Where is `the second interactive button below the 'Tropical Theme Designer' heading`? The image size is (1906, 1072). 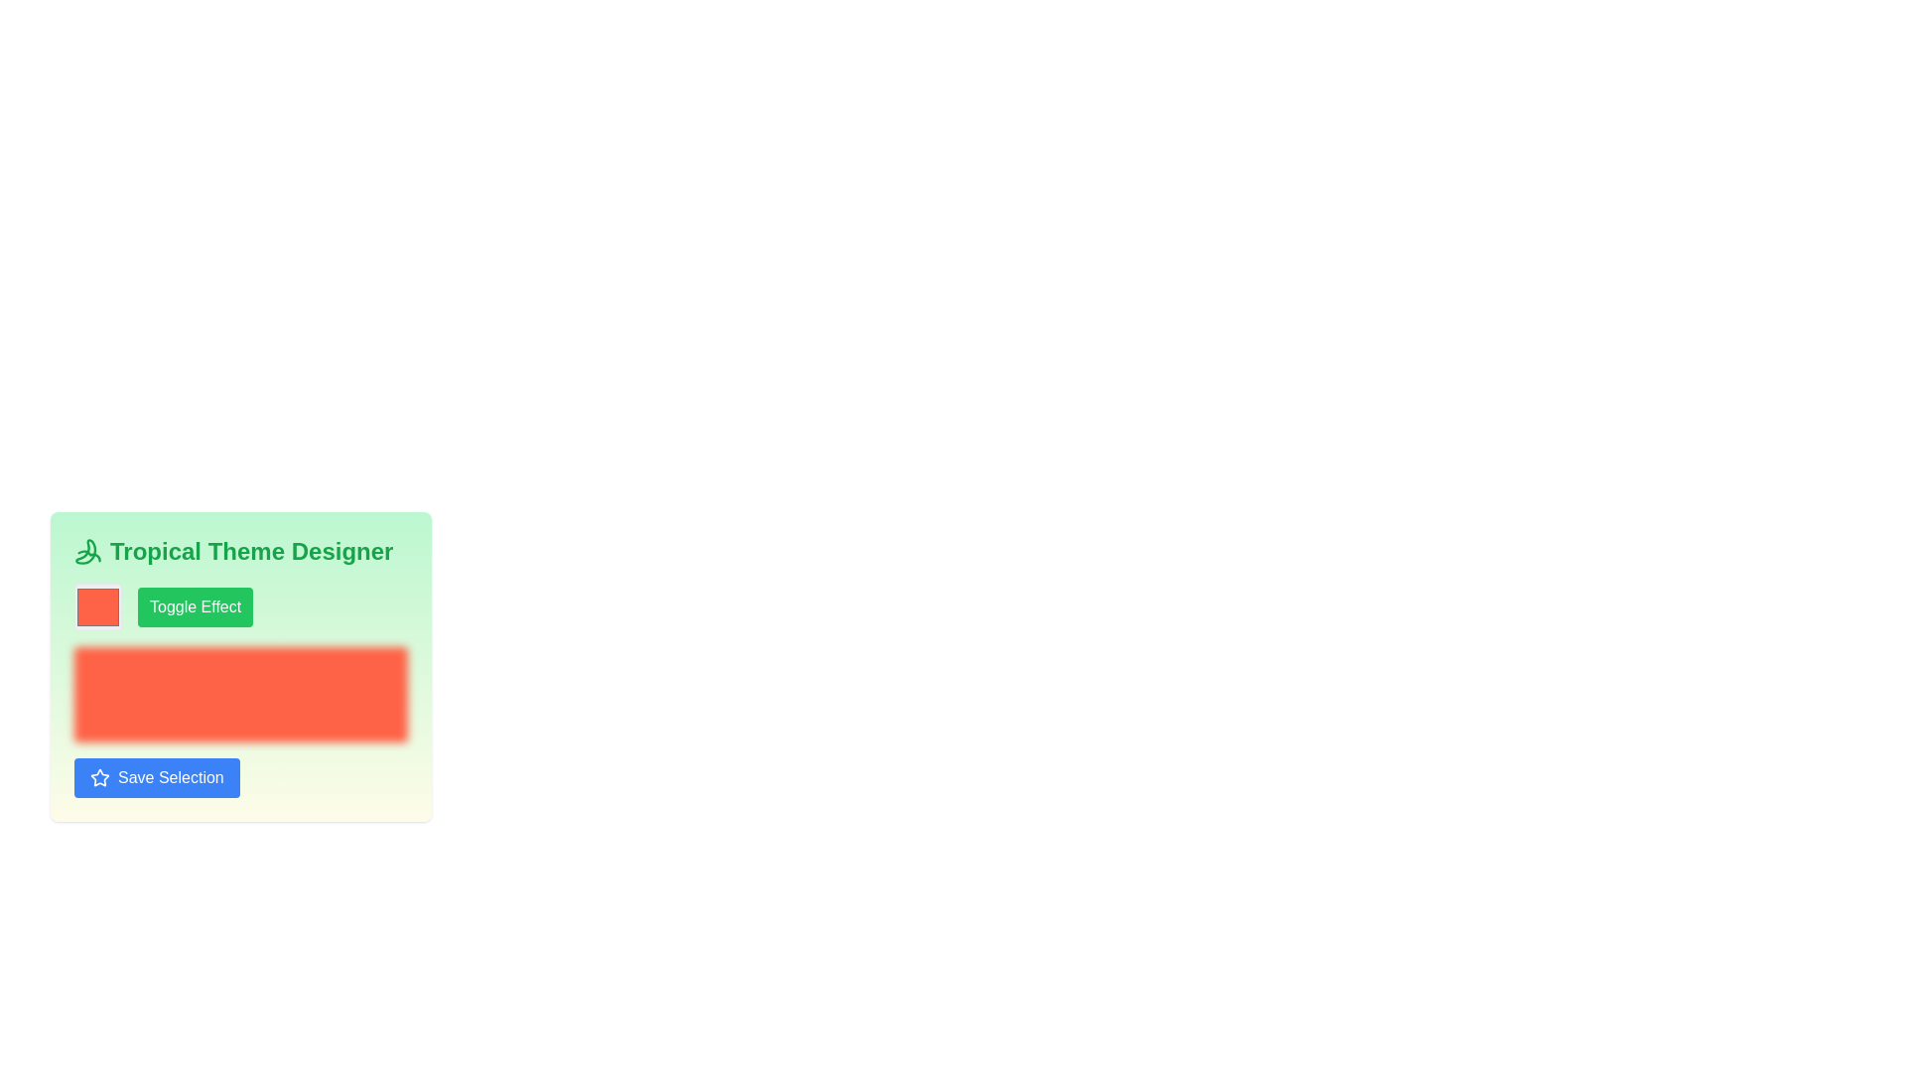 the second interactive button below the 'Tropical Theme Designer' heading is located at coordinates (240, 606).